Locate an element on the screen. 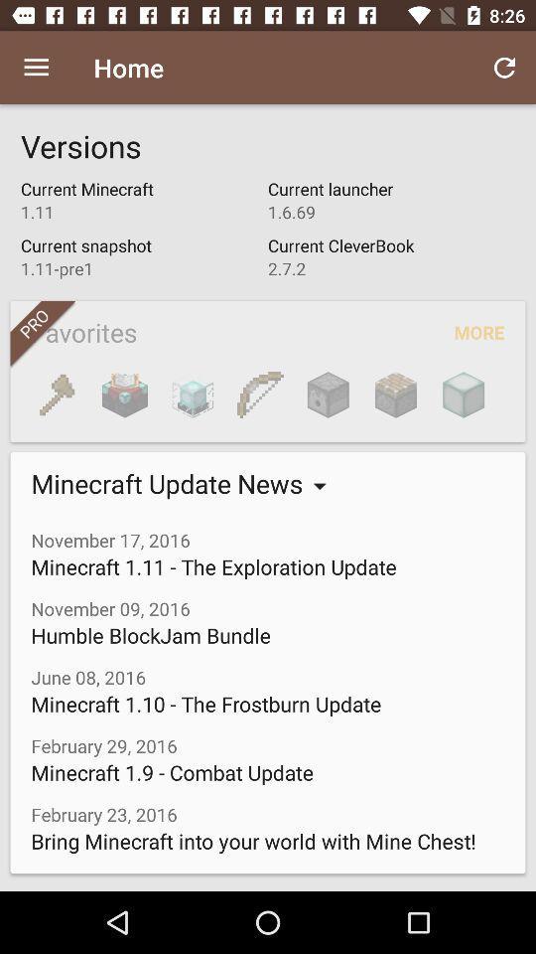  minecraft update news from the dropdown of the page is located at coordinates (171, 482).